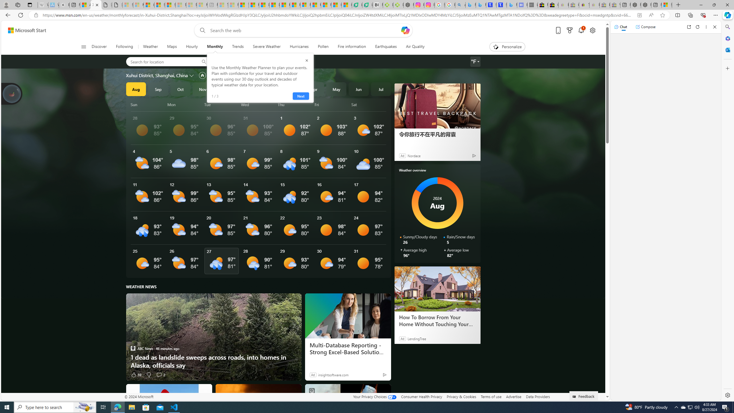 This screenshot has height=413, width=734. I want to click on 'Apr', so click(314, 89).